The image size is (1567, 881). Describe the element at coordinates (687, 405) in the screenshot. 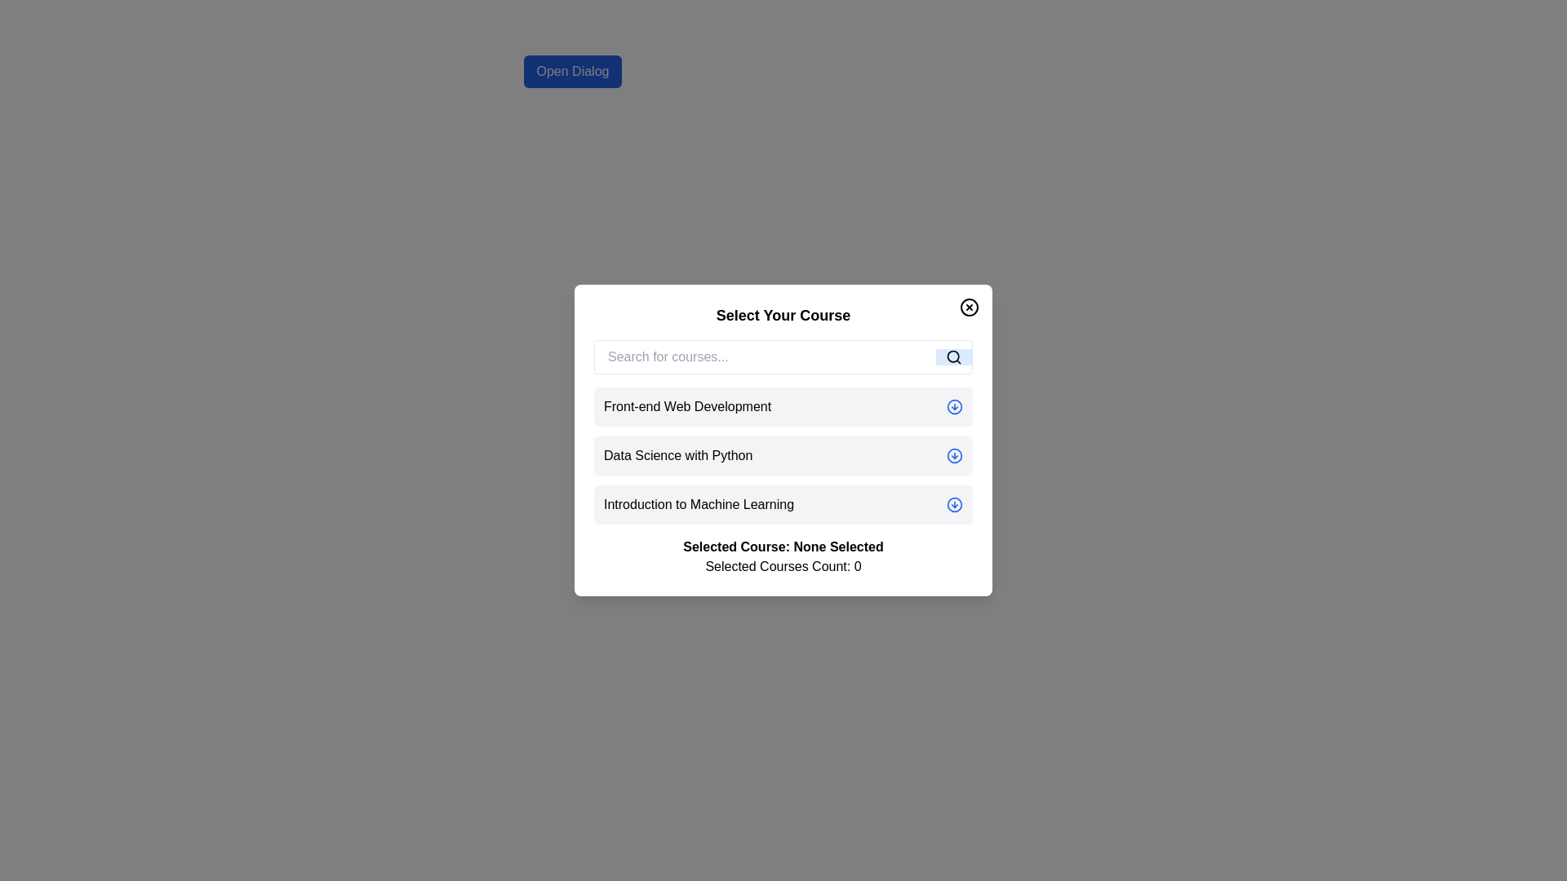

I see `the static text label displaying 'Front-end Web Development', which is the first item in the list of selectable courses in the dialog box with a light gray background` at that location.